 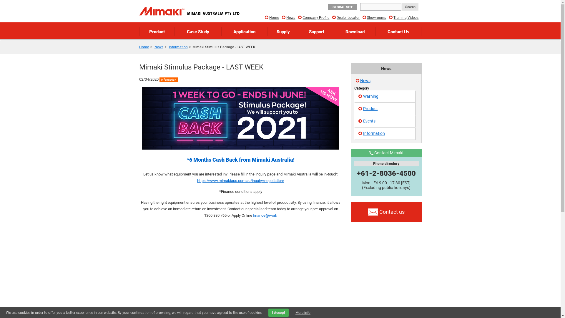 I want to click on 'Information', so click(x=385, y=133).